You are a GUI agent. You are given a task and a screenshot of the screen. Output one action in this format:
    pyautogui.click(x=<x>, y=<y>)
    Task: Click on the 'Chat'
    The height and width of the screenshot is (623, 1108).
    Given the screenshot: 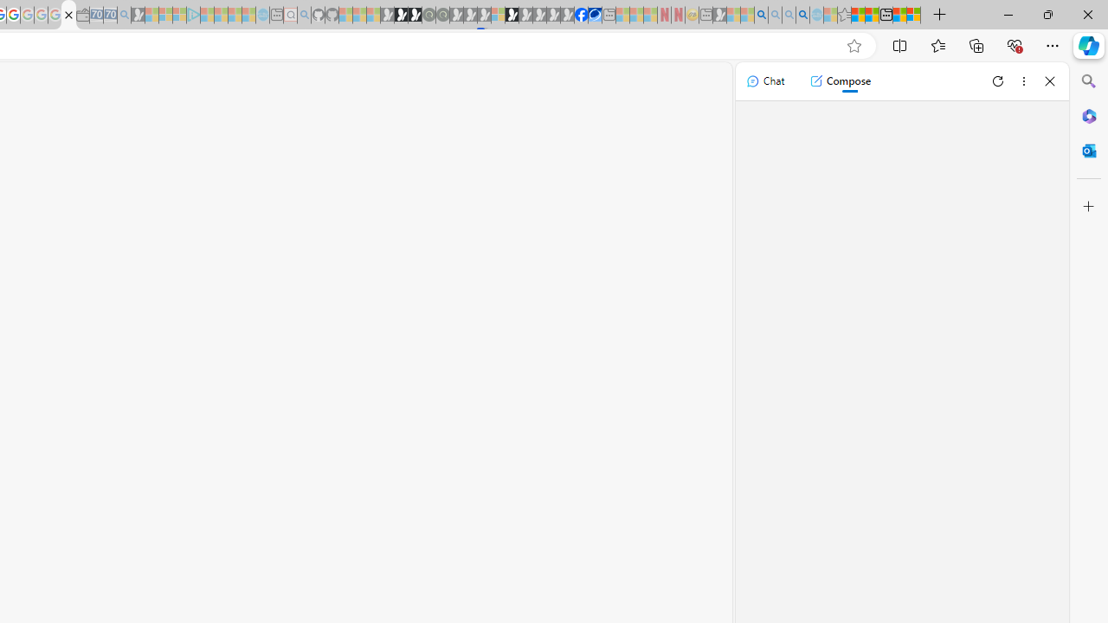 What is the action you would take?
    pyautogui.click(x=764, y=80)
    